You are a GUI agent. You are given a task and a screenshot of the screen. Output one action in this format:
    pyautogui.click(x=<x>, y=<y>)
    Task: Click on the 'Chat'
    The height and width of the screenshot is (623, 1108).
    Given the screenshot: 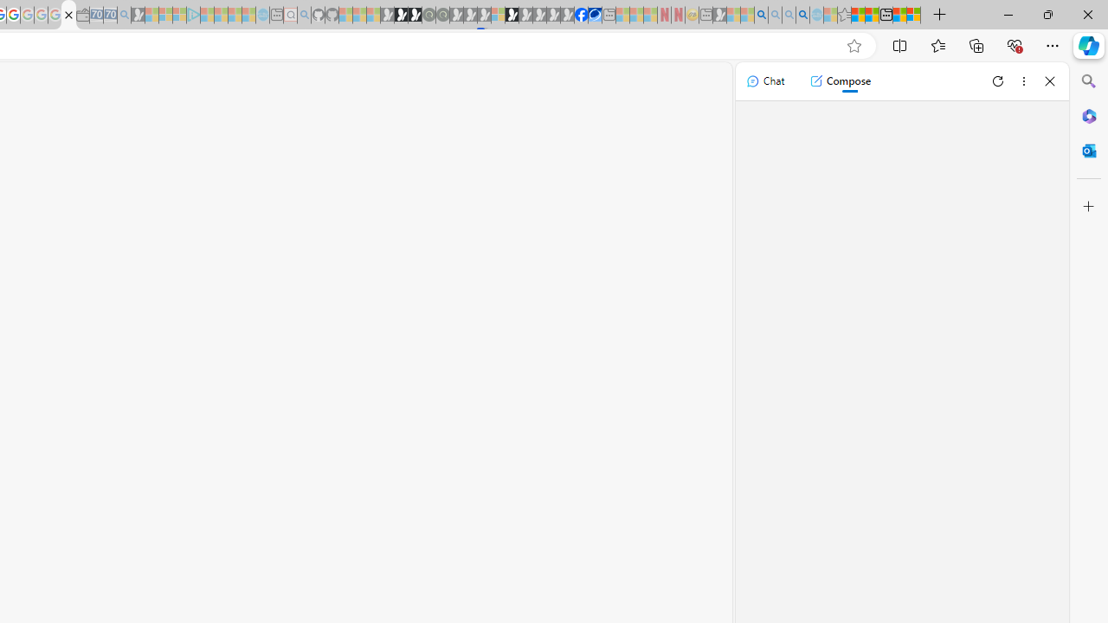 What is the action you would take?
    pyautogui.click(x=764, y=80)
    